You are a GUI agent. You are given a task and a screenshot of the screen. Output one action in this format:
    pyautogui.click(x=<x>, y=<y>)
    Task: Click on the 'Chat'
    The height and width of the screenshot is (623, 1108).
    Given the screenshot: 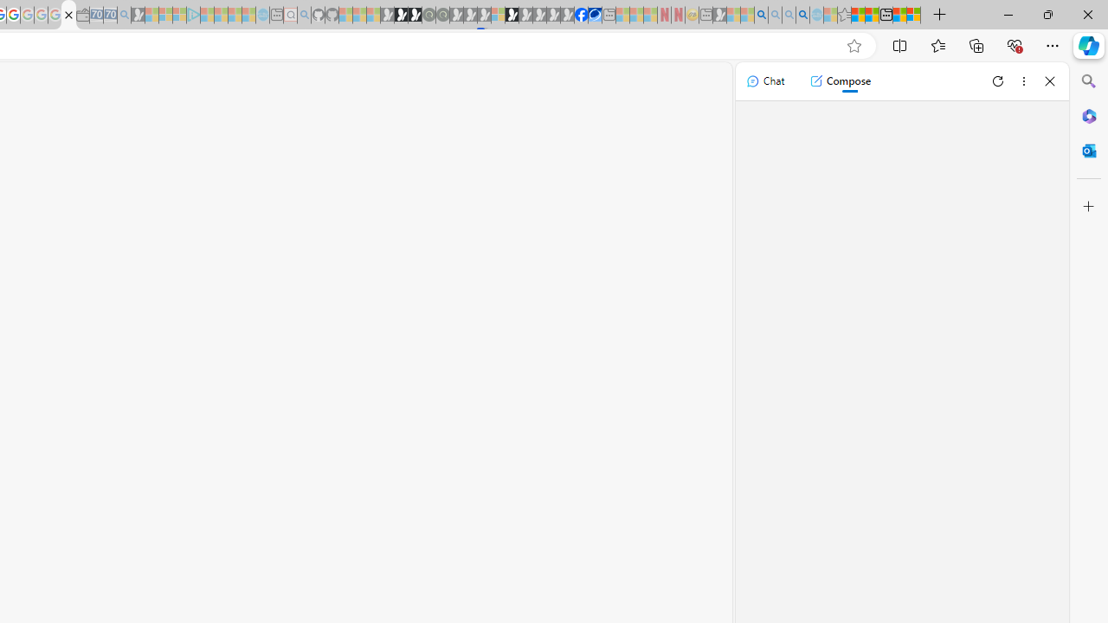 What is the action you would take?
    pyautogui.click(x=764, y=80)
    